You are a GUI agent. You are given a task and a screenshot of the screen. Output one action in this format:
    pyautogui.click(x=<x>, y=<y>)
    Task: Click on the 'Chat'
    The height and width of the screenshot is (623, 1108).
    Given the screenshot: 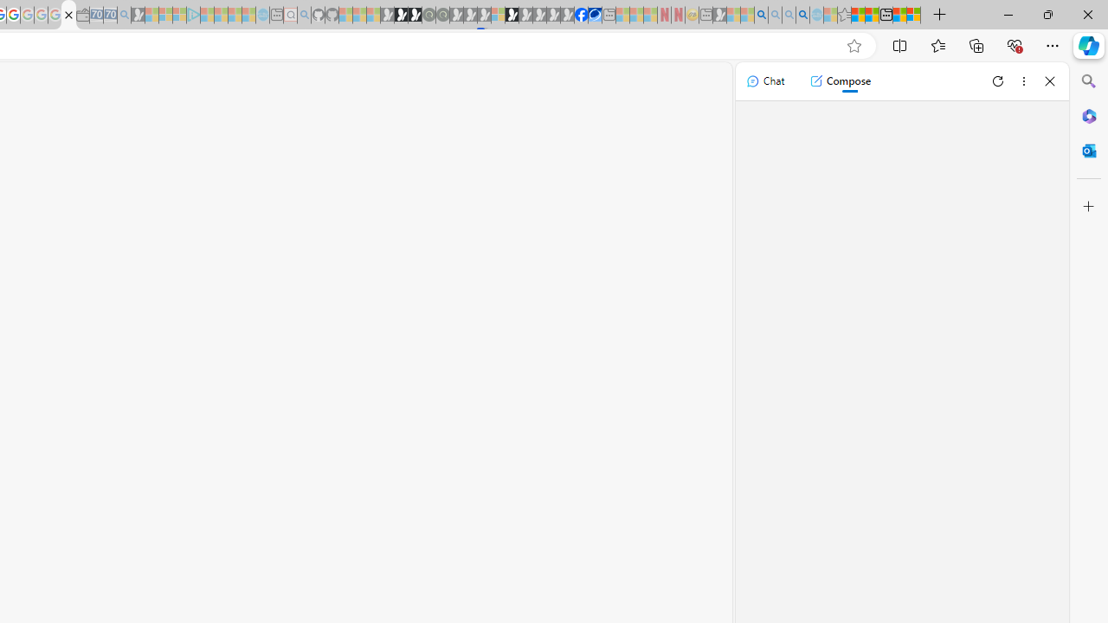 What is the action you would take?
    pyautogui.click(x=764, y=80)
    